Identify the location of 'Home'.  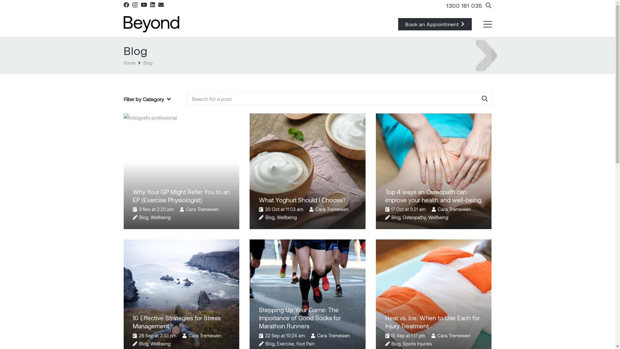
(123, 63).